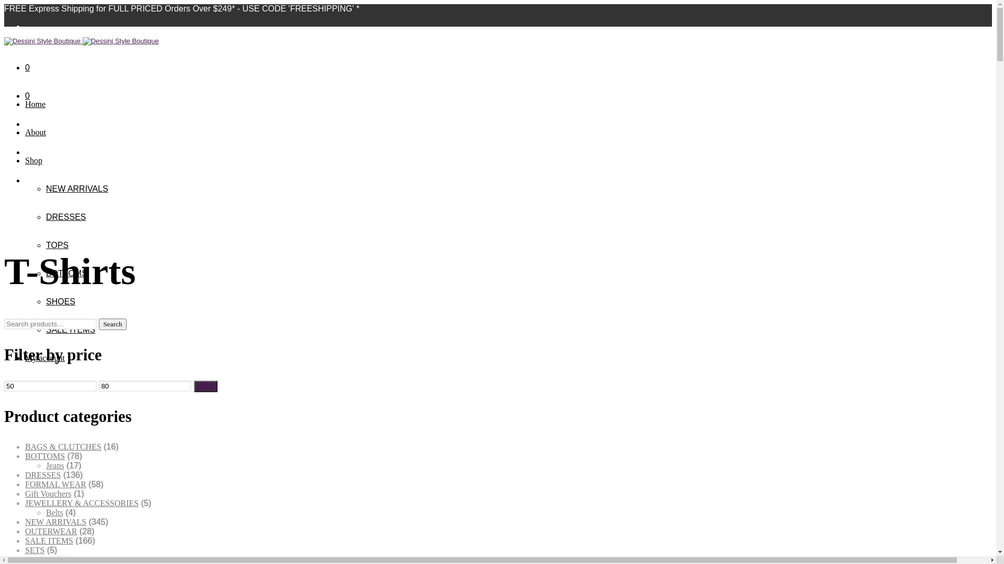 This screenshot has height=564, width=1004. What do you see at coordinates (35, 549) in the screenshot?
I see `'SETS'` at bounding box center [35, 549].